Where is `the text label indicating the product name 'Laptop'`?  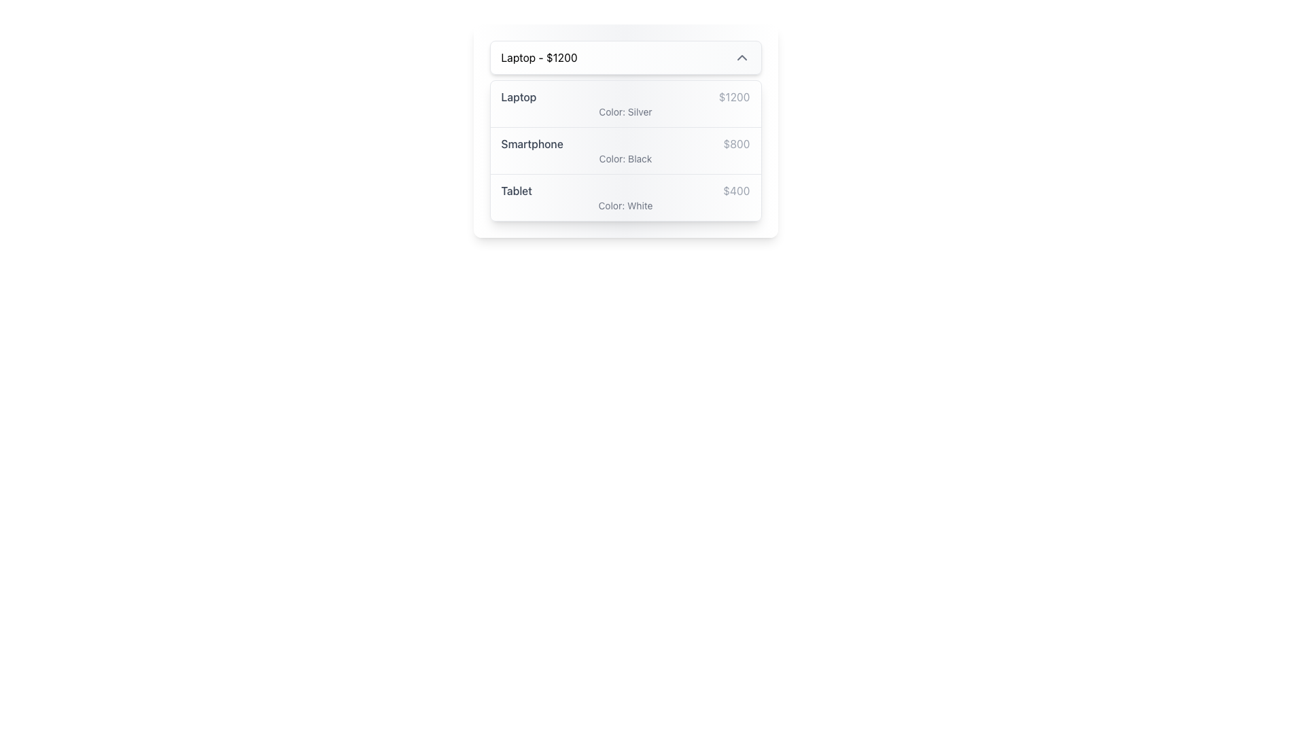 the text label indicating the product name 'Laptop' is located at coordinates (518, 96).